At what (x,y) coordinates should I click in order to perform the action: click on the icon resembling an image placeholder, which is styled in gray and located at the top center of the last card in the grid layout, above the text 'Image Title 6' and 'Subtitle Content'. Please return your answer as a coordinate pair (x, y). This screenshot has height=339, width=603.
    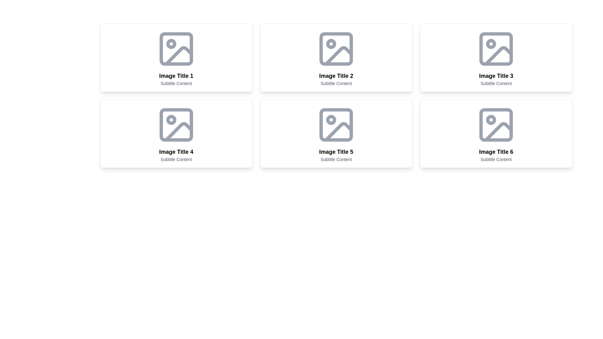
    Looking at the image, I should click on (496, 125).